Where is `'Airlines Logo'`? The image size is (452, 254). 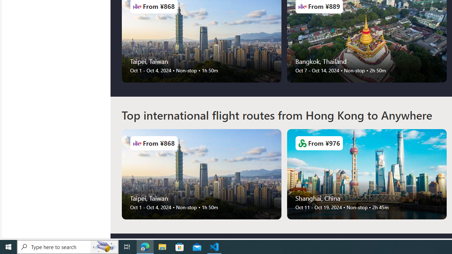
'Airlines Logo' is located at coordinates (302, 143).